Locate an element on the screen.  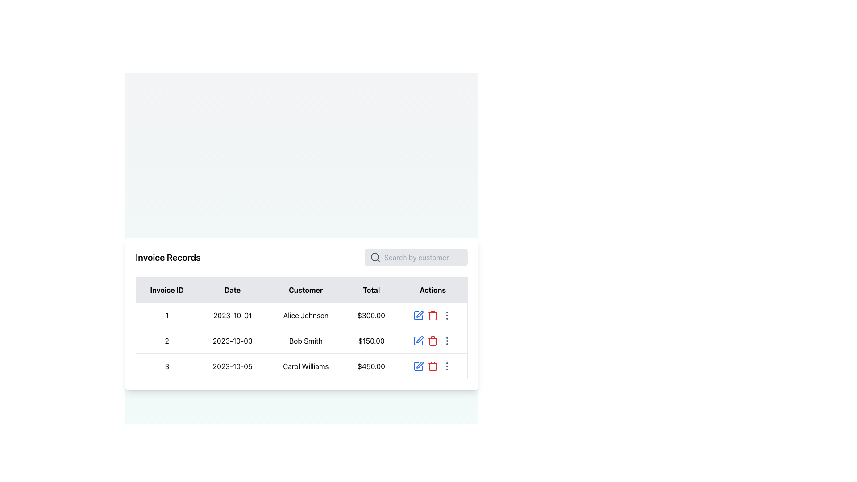
the icon featuring three vertically aligned dots (ellipsis) located in the last column of the last row of the table is located at coordinates (447, 366).